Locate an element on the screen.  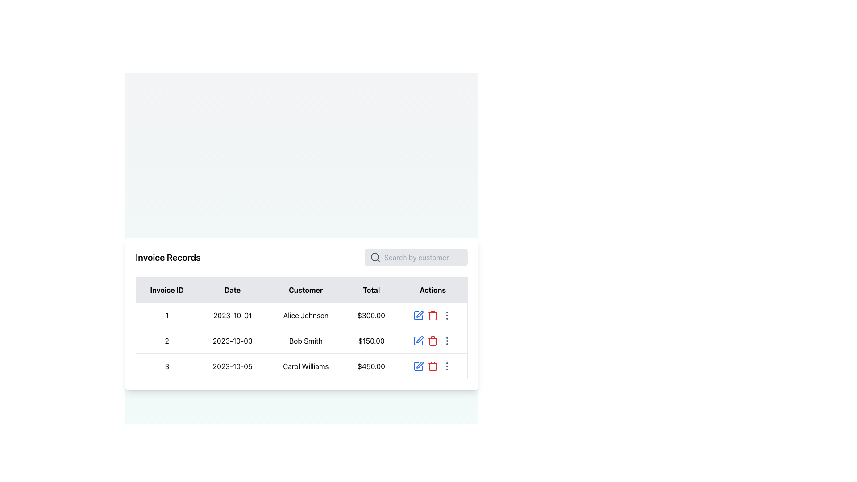
the icon featuring three vertically aligned dots (ellipsis) located in the last column of the last row of the table is located at coordinates (447, 366).